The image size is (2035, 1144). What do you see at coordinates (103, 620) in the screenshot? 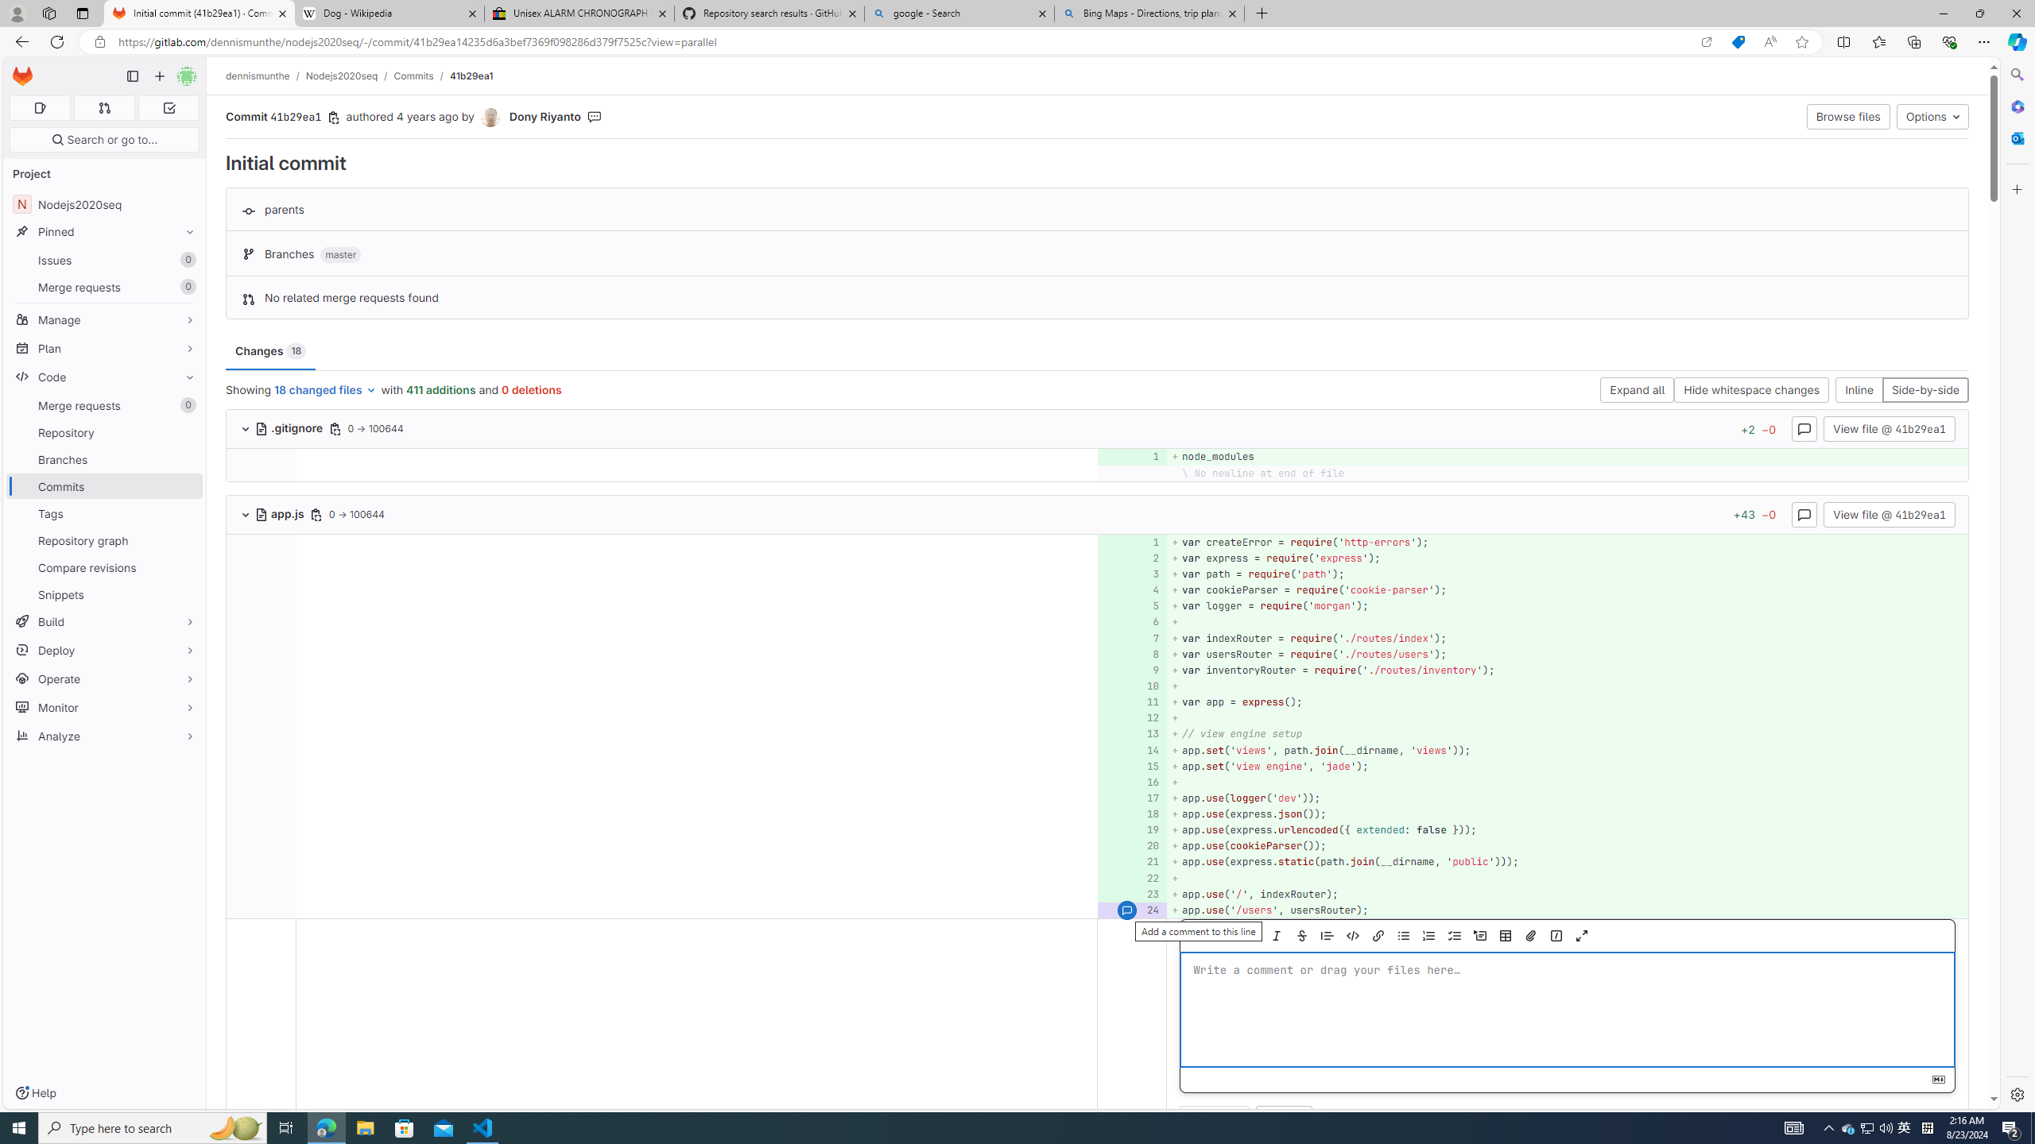
I see `'Build'` at bounding box center [103, 620].